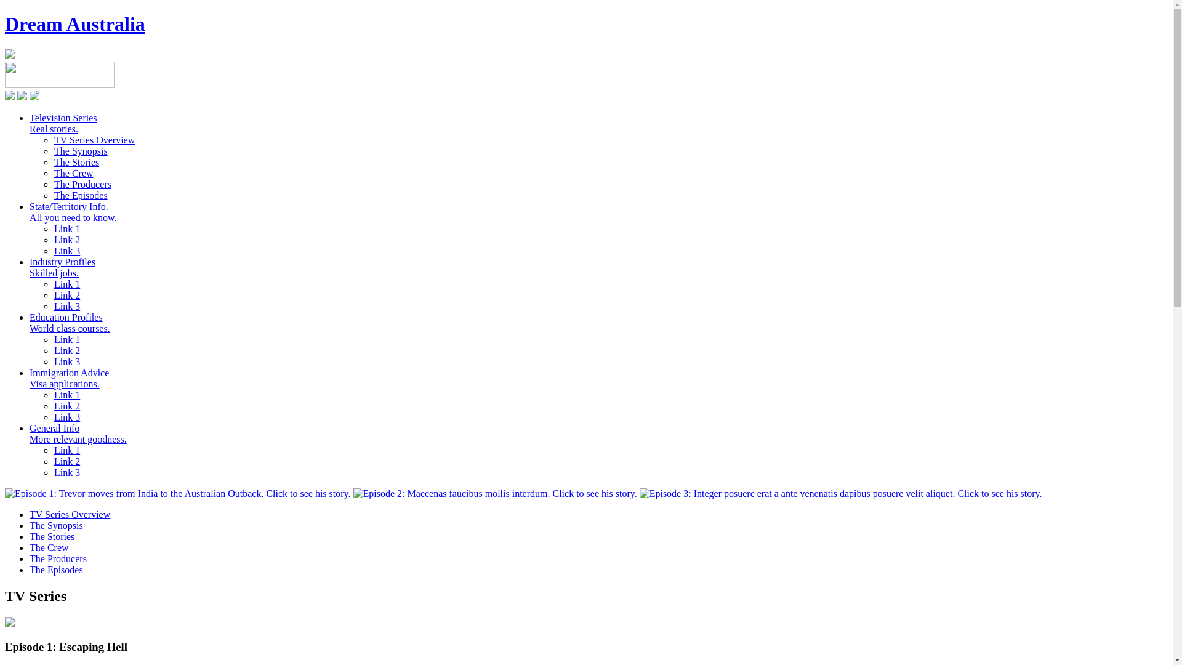  What do you see at coordinates (80, 195) in the screenshot?
I see `'The Episodes'` at bounding box center [80, 195].